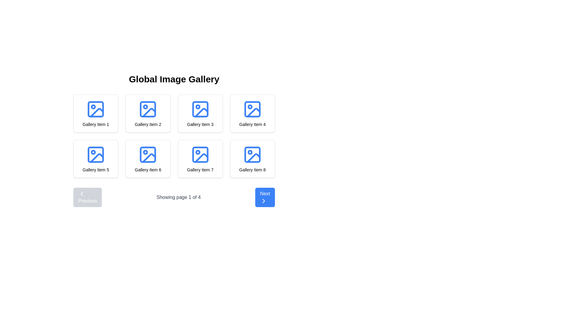  I want to click on the blue outline picture icon located in the top-left card labeled 'Gallery Item 1' on the gallery grid, so click(95, 109).